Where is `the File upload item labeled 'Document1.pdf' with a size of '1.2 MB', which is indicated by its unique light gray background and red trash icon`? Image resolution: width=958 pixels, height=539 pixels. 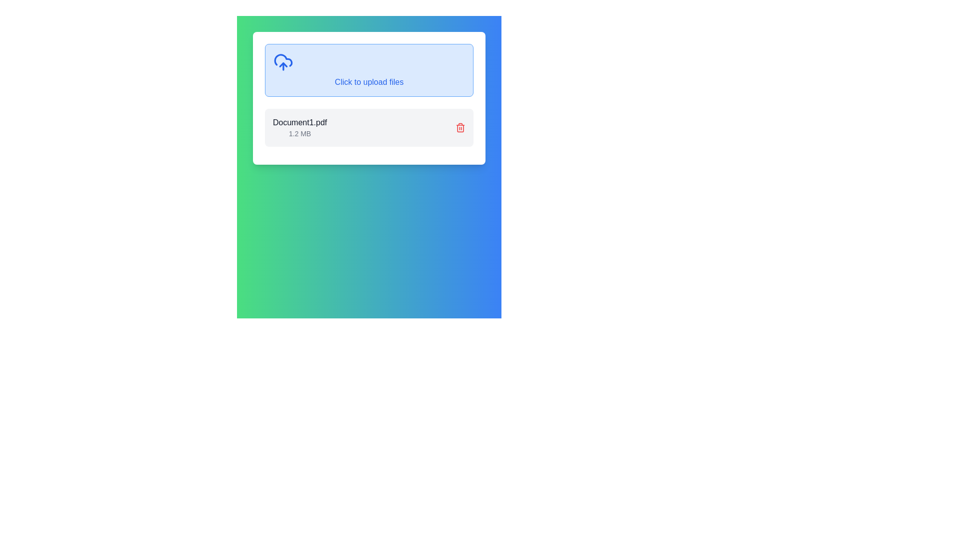 the File upload item labeled 'Document1.pdf' with a size of '1.2 MB', which is indicated by its unique light gray background and red trash icon is located at coordinates (368, 127).